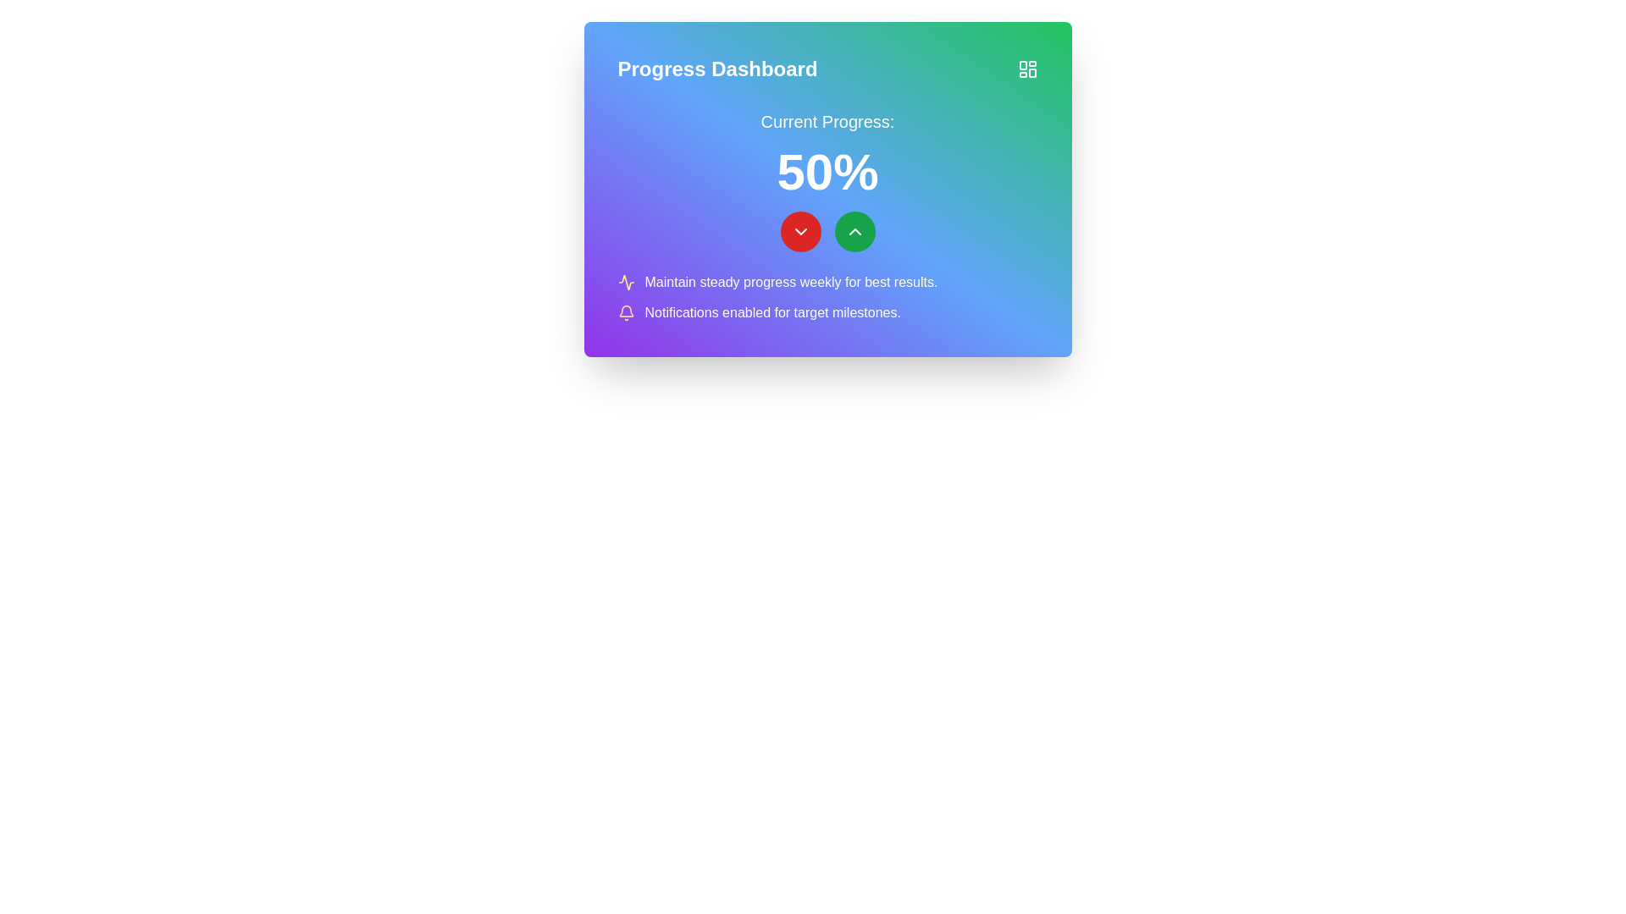 This screenshot has width=1626, height=914. Describe the element at coordinates (1026, 68) in the screenshot. I see `the icon button that appears as four squares in a 2x2 grid with a green background located at the top-right corner of the 'Progress Dashboard' section` at that location.